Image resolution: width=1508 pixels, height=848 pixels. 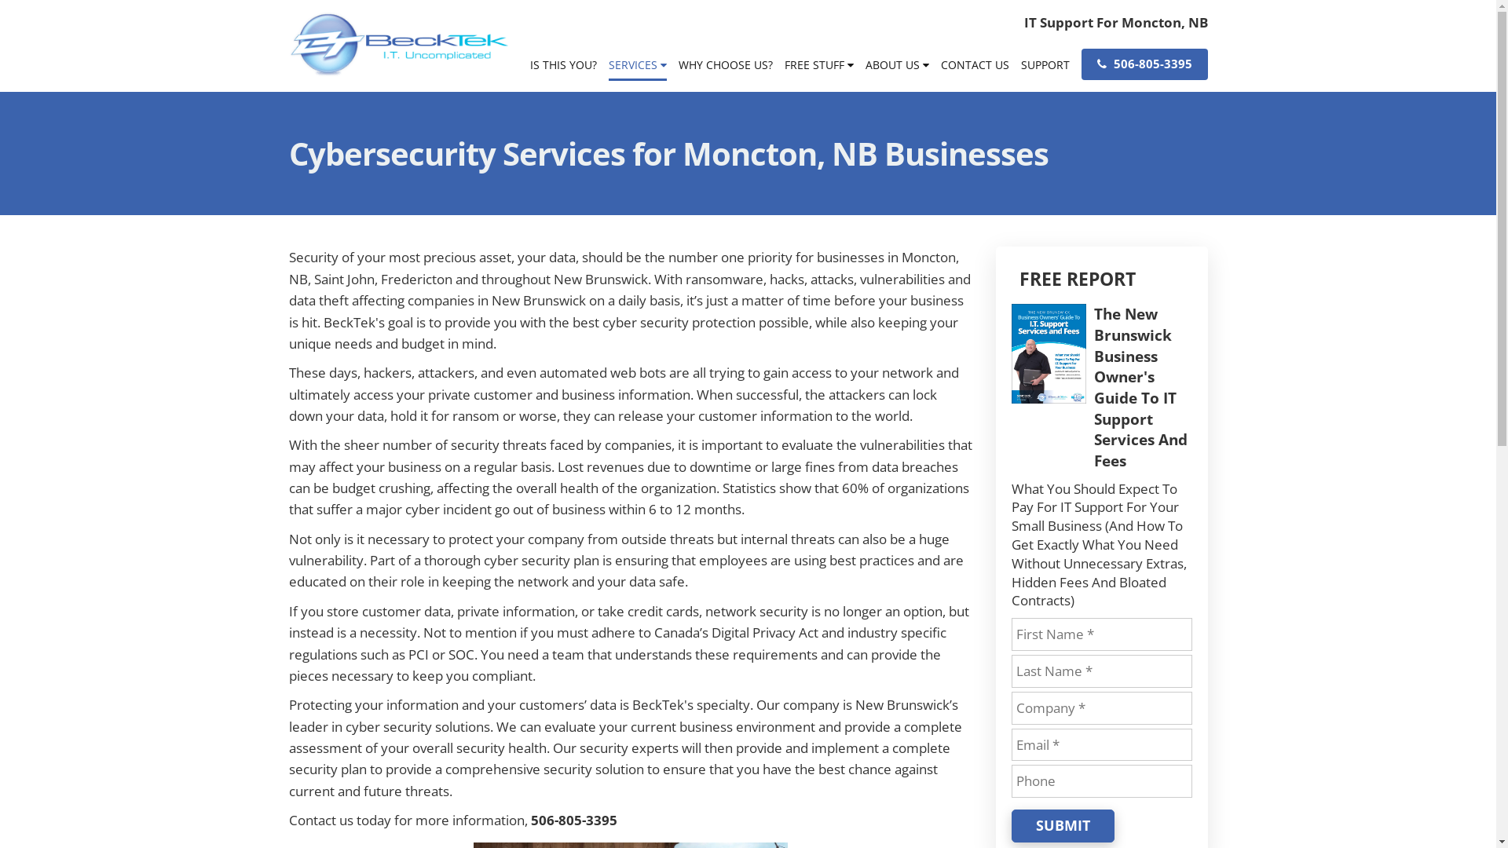 What do you see at coordinates (1144, 63) in the screenshot?
I see `'506-805-3395'` at bounding box center [1144, 63].